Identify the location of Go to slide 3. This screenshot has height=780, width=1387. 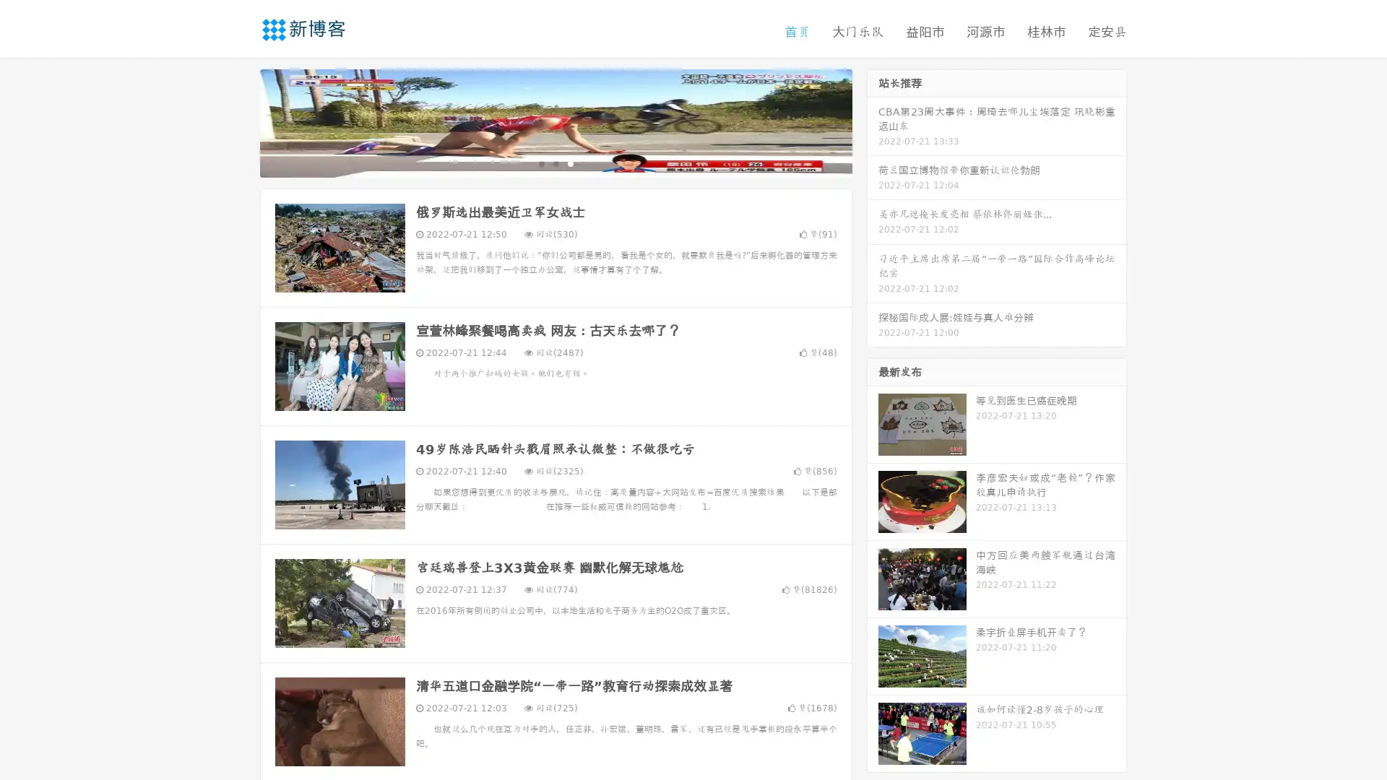
(570, 162).